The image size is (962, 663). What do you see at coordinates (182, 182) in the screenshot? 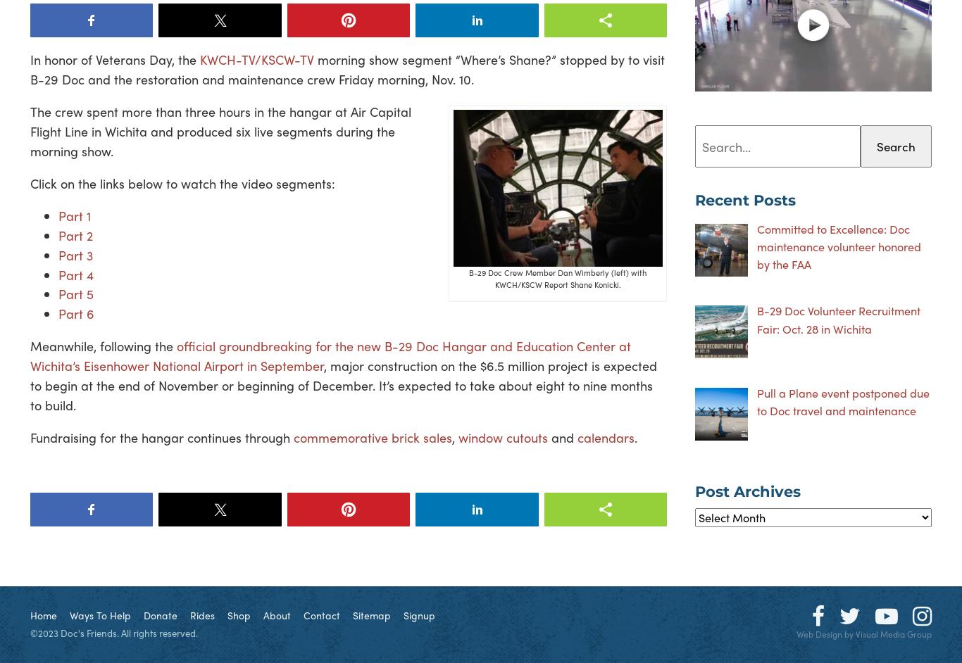
I see `'Click on the links below to watch the video segments:'` at bounding box center [182, 182].